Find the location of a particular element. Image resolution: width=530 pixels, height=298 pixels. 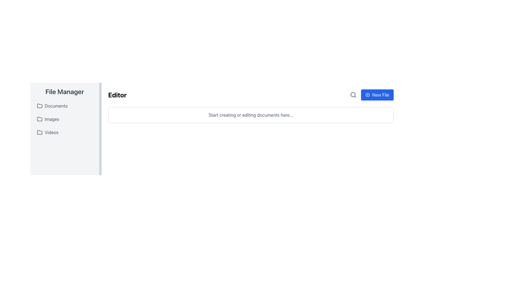

the folder icon resembling a document storage folder located next to the 'Images' label in the vertical navigation menu under 'File Manager' is located at coordinates (39, 119).